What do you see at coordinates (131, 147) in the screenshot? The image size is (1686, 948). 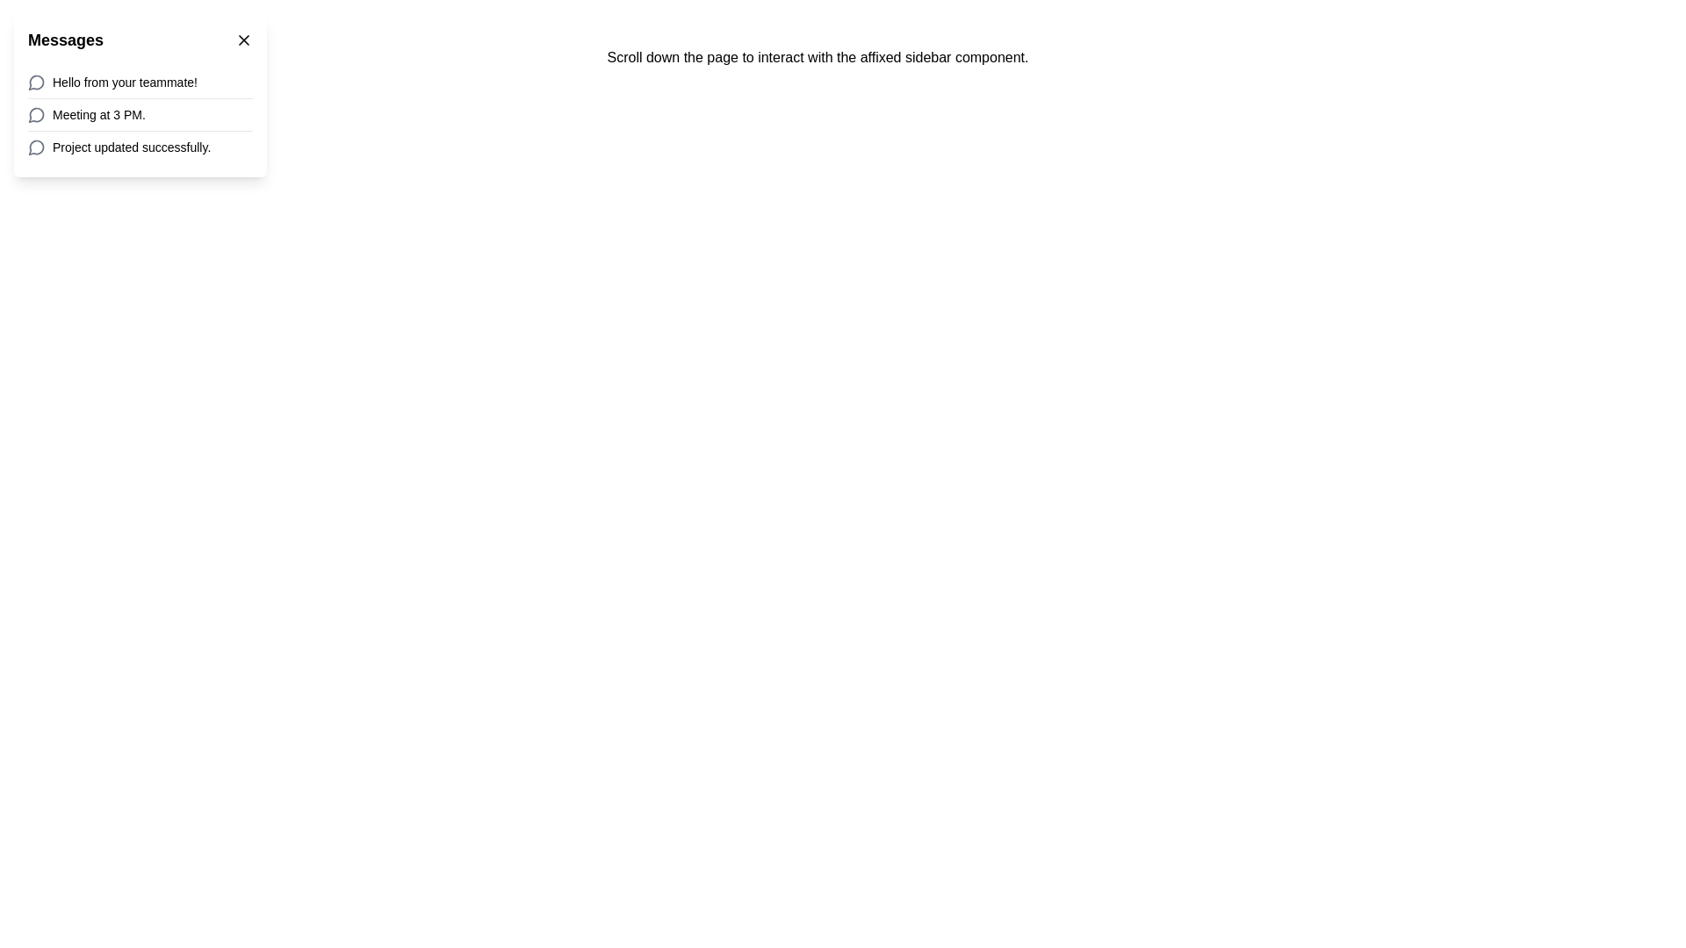 I see `the notification text label that conveys the successful update of a project, which is the third item in a vertical list of messages within the sidebar` at bounding box center [131, 147].